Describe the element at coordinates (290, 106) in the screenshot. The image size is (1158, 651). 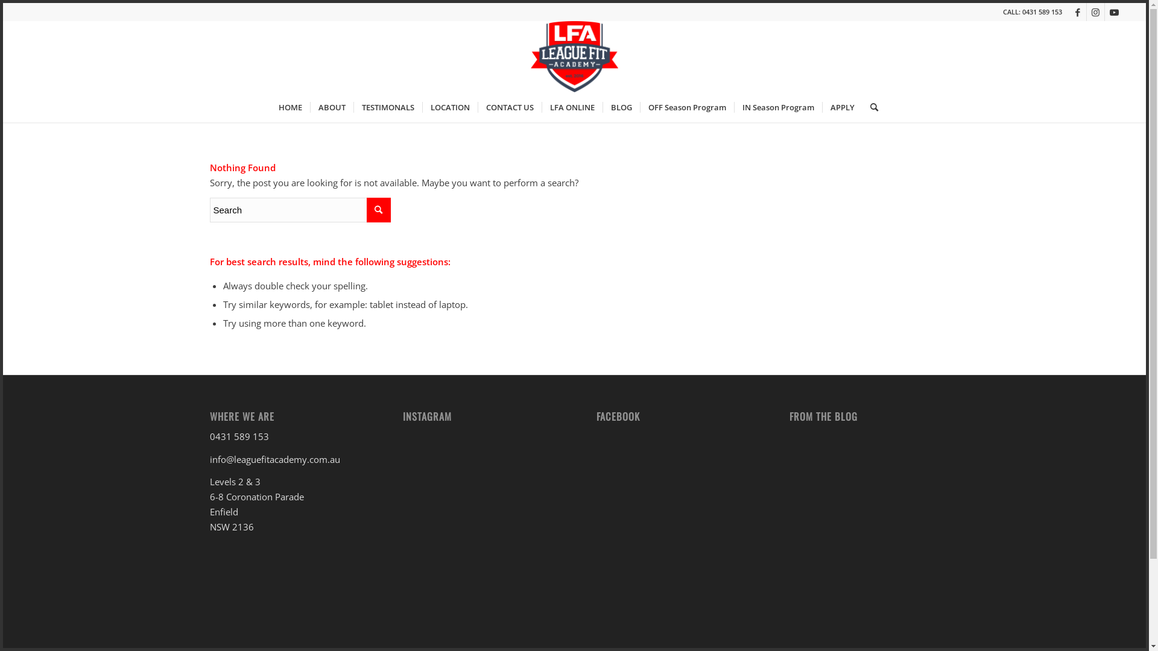
I see `'HOME'` at that location.